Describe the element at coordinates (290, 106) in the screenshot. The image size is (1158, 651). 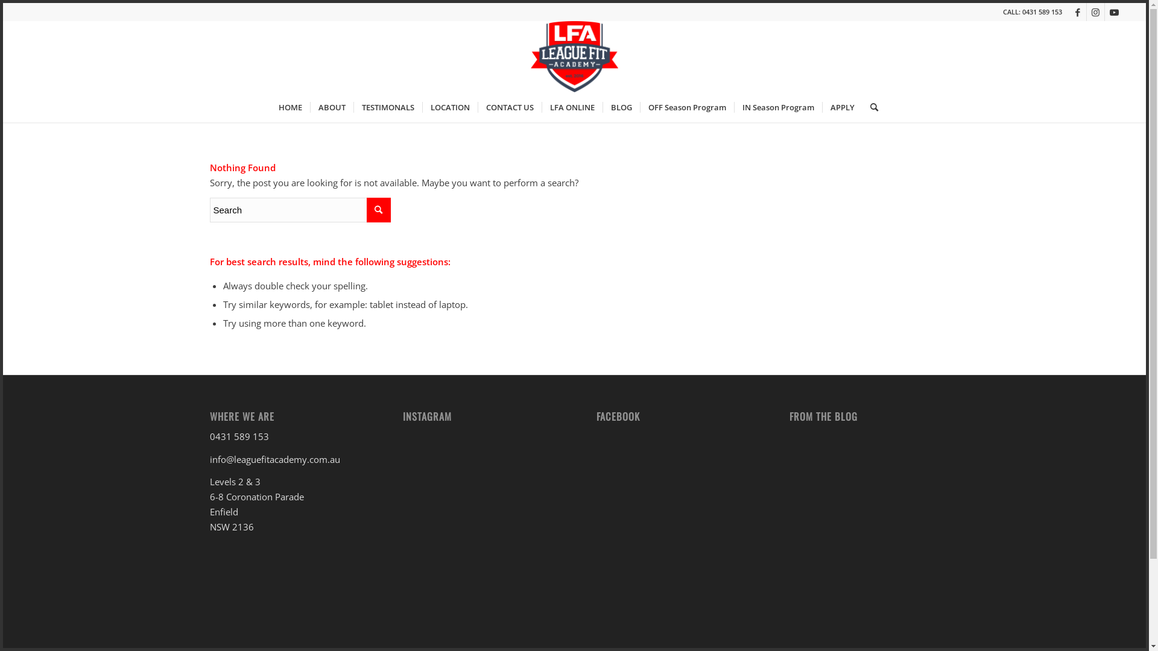
I see `'HOME'` at that location.